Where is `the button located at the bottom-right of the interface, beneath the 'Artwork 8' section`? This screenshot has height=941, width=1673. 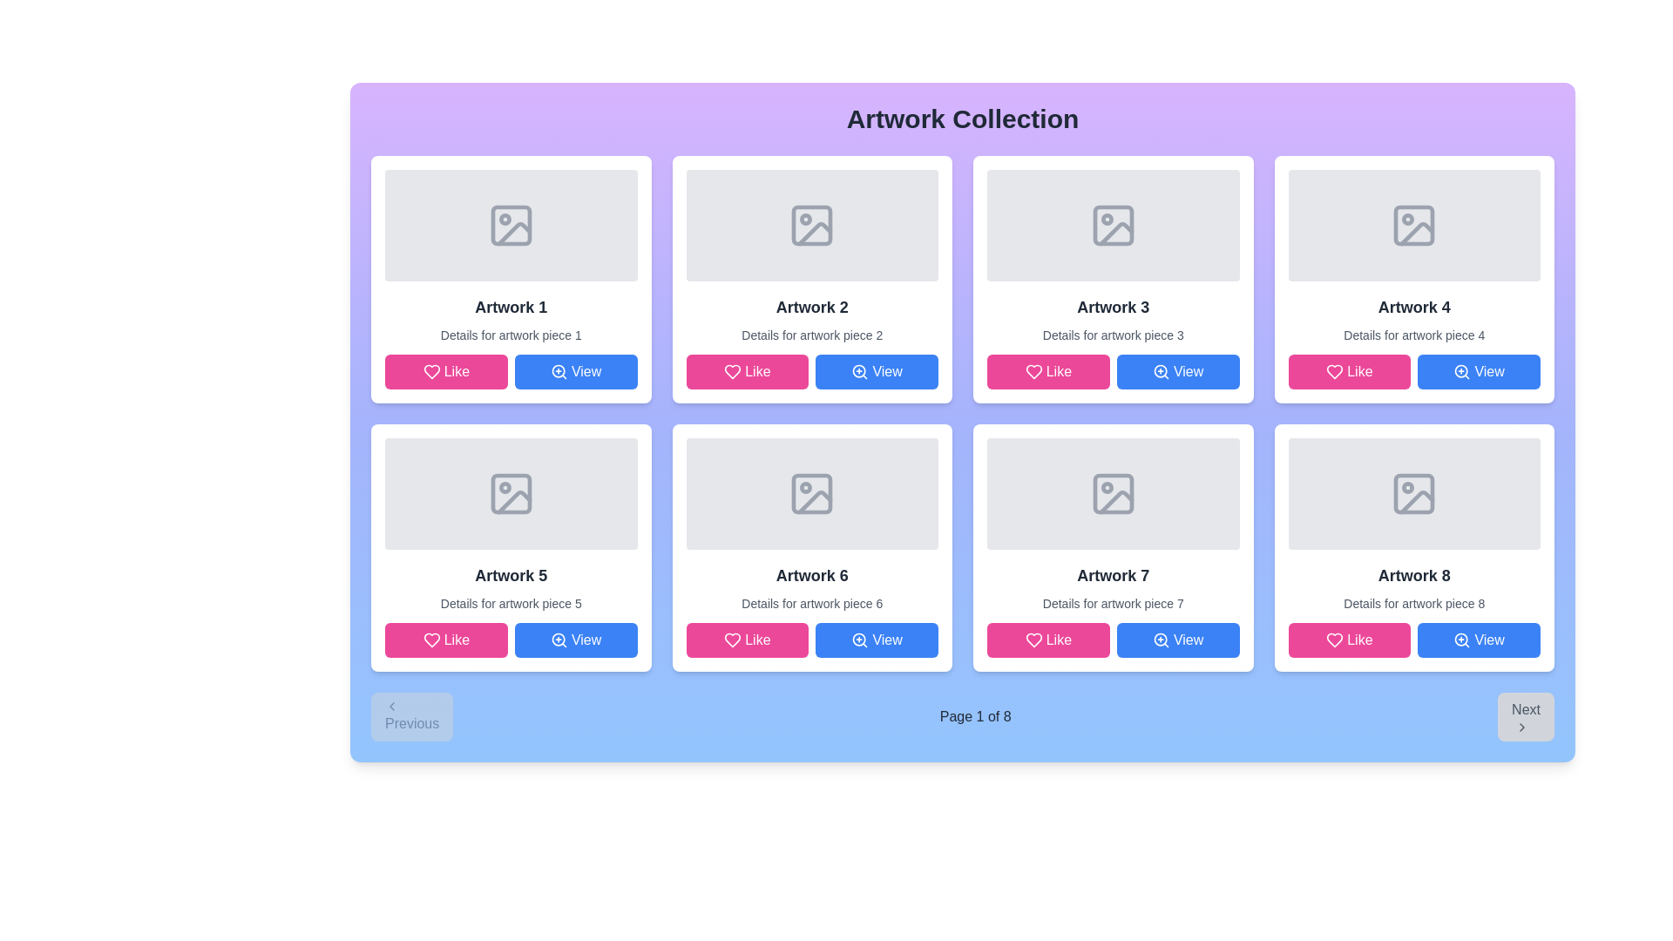
the button located at the bottom-right of the interface, beneath the 'Artwork 8' section is located at coordinates (1478, 640).